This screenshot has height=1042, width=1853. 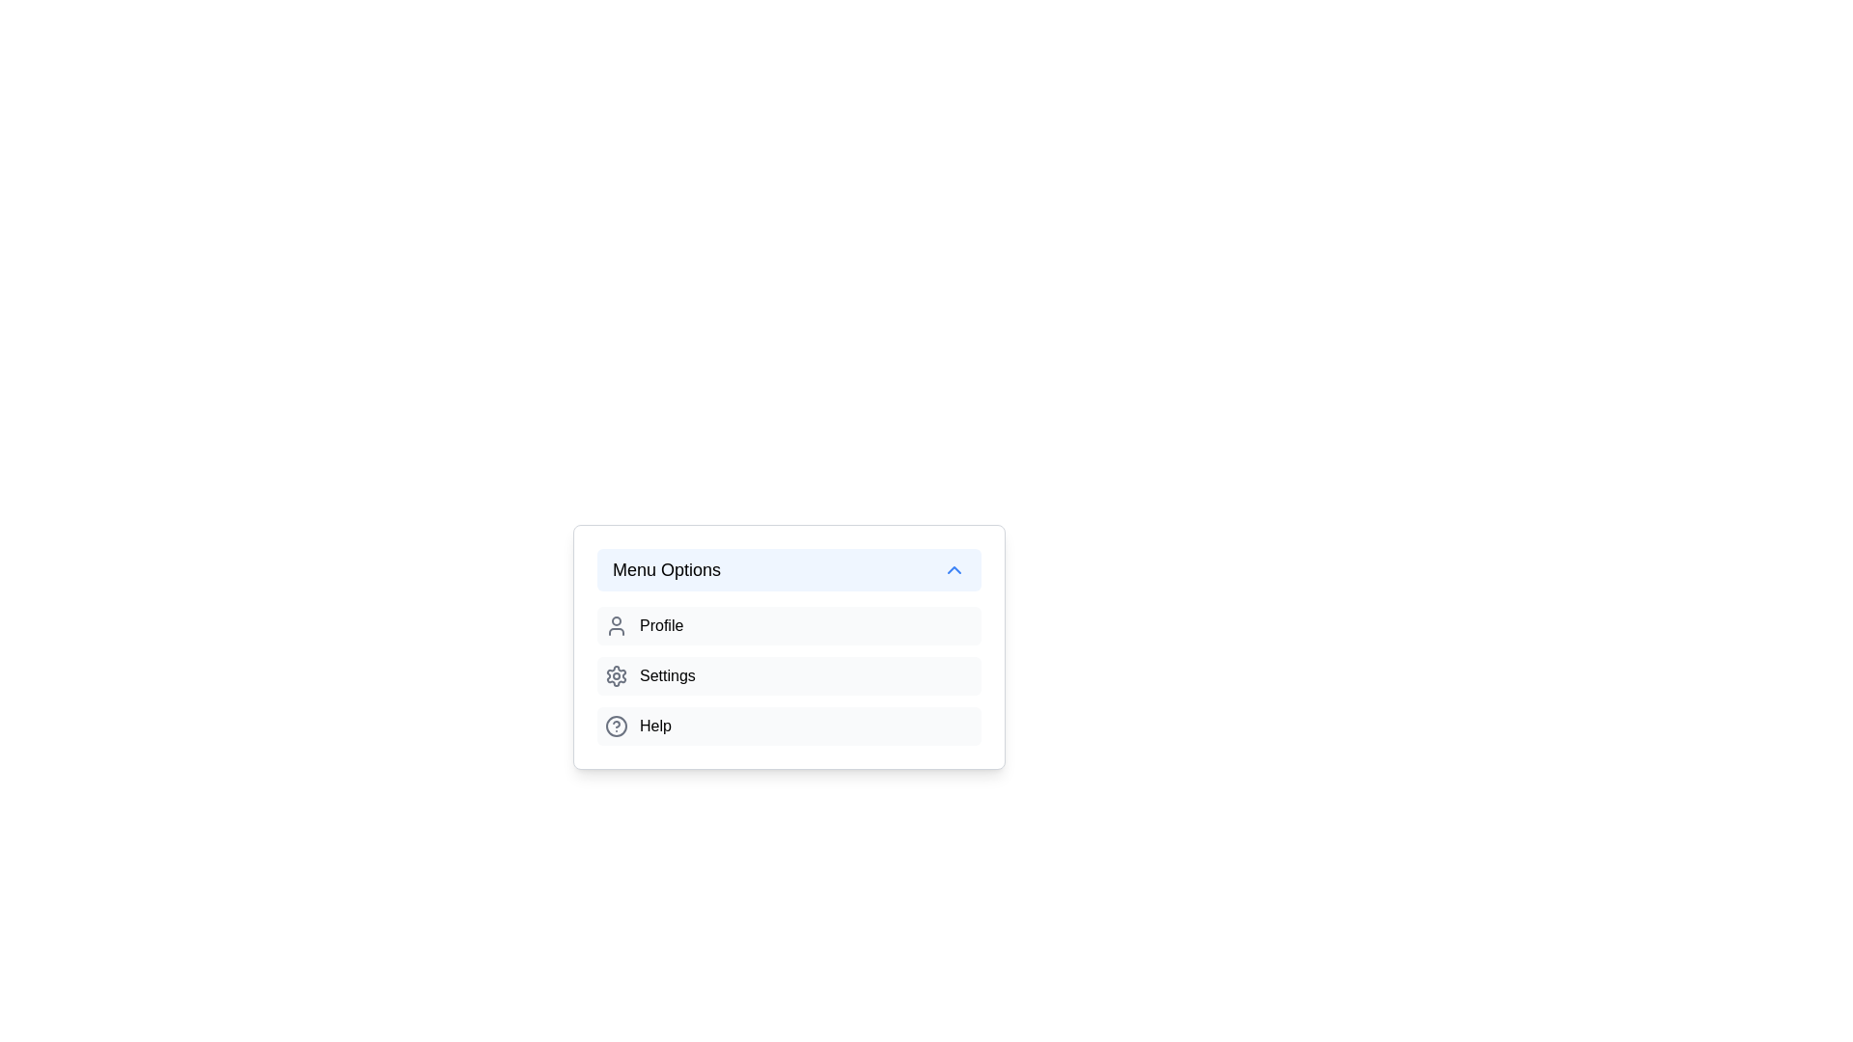 What do you see at coordinates (615, 726) in the screenshot?
I see `the outer circle of the help icon, which serves as a visual cue for the 'Help' menu item located at the bottom of the vertical menu listing beneath 'Profile' and 'Settings'` at bounding box center [615, 726].